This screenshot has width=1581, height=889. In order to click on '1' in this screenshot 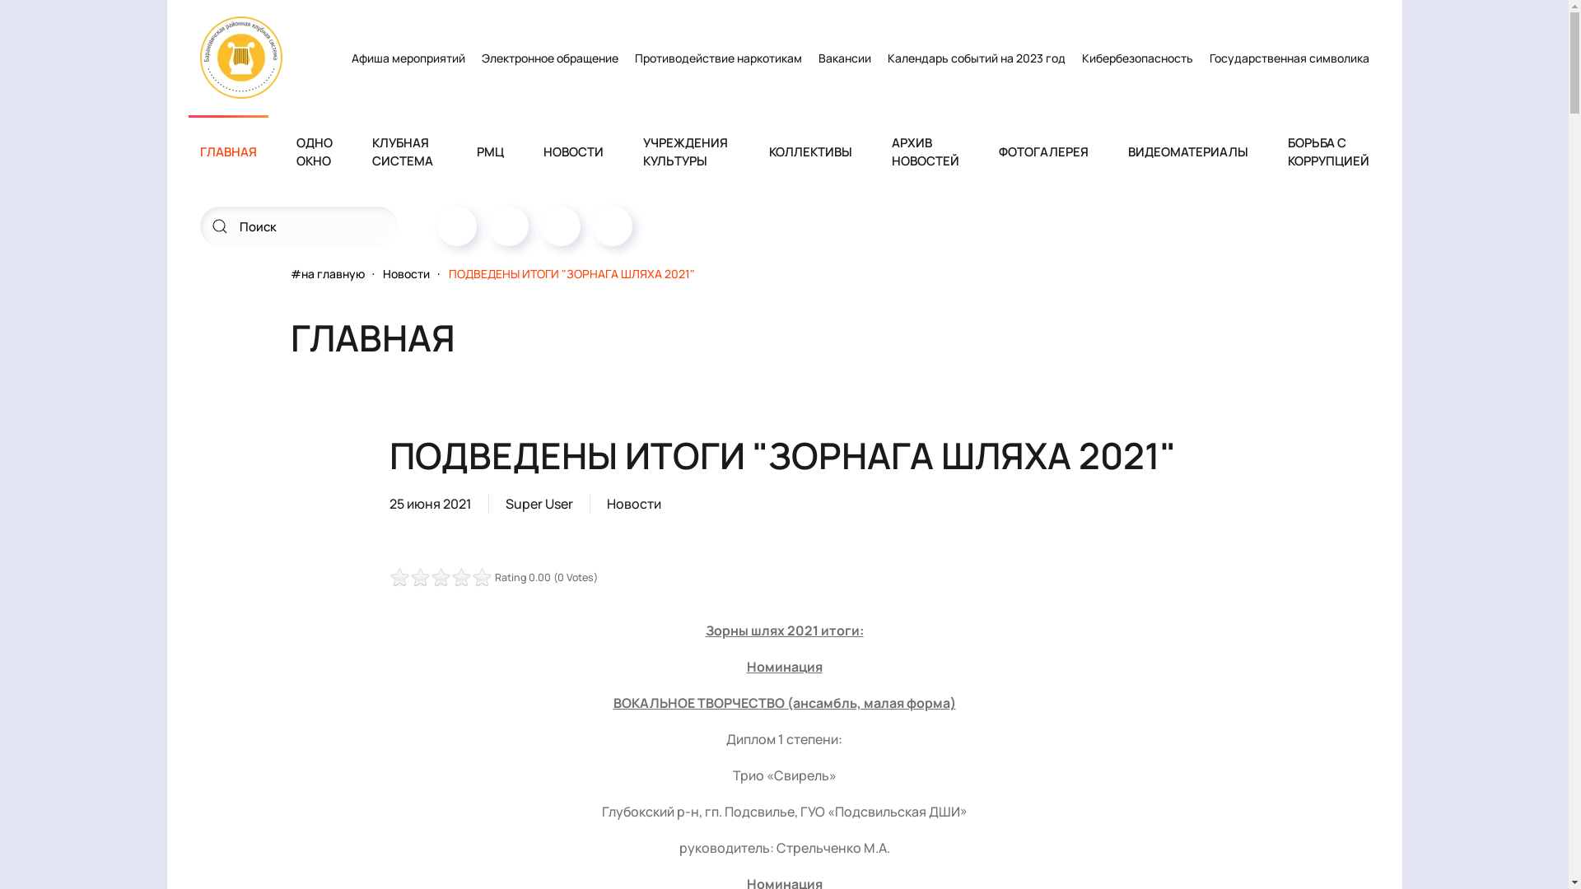, I will do `click(409, 576)`.